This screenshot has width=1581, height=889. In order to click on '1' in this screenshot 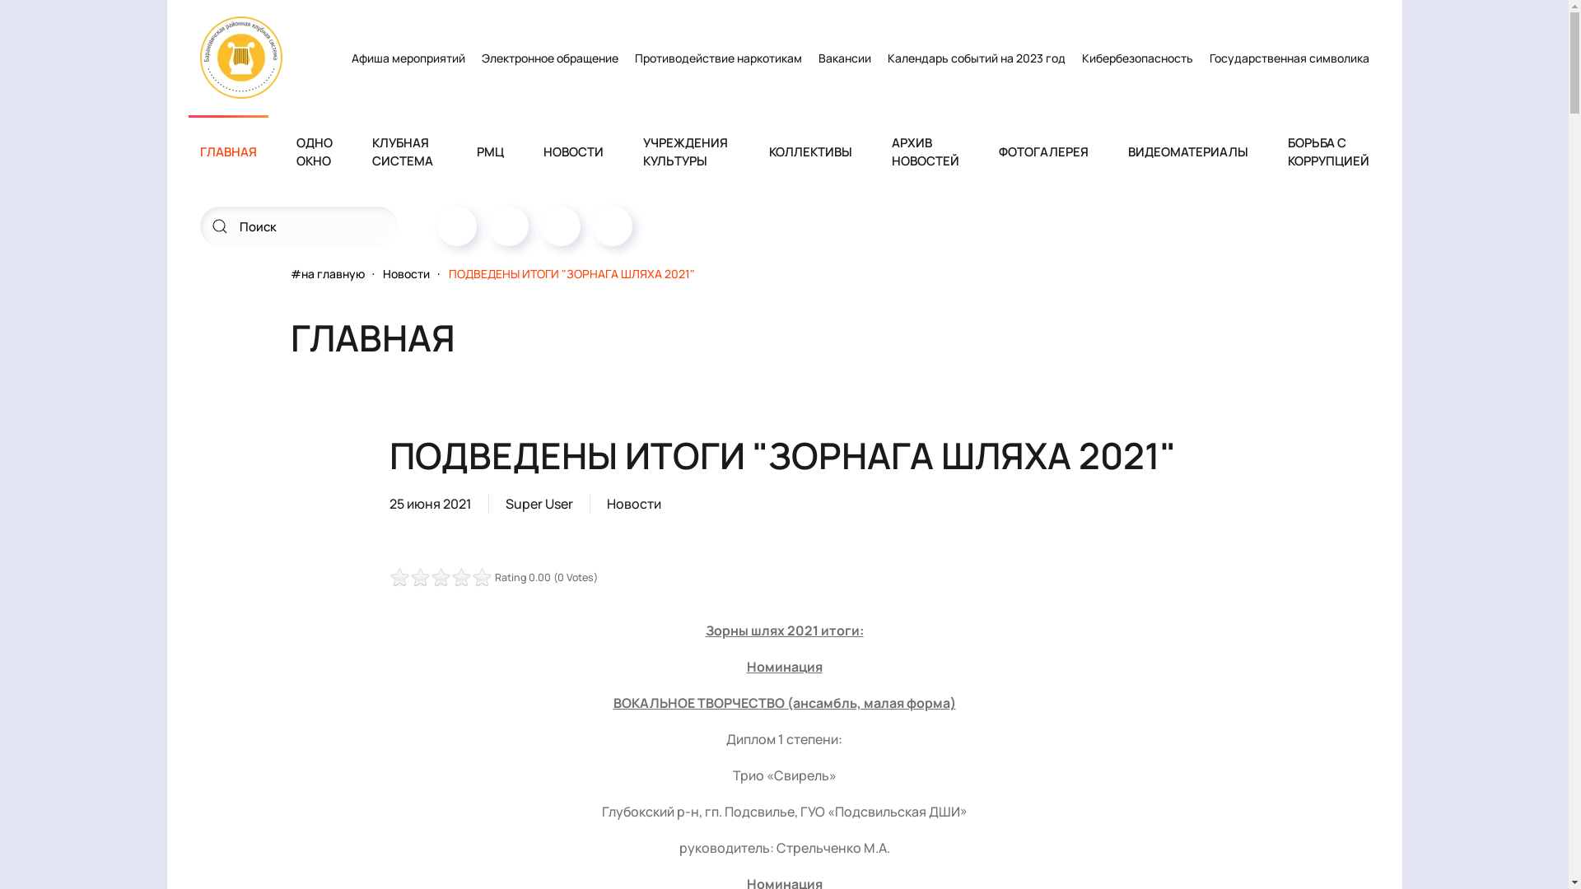, I will do `click(409, 576)`.